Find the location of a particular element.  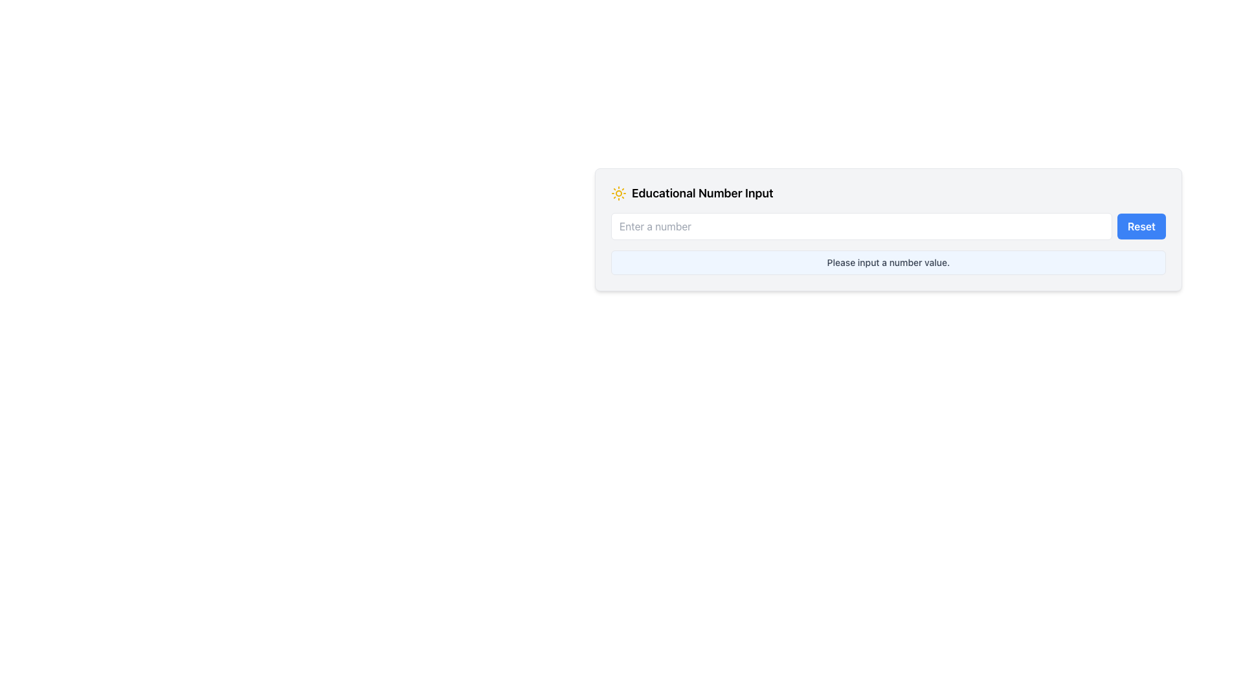

the reset button located in the upper-middle area of the interface, positioned directly to the right of the text input field is located at coordinates (1141, 226).